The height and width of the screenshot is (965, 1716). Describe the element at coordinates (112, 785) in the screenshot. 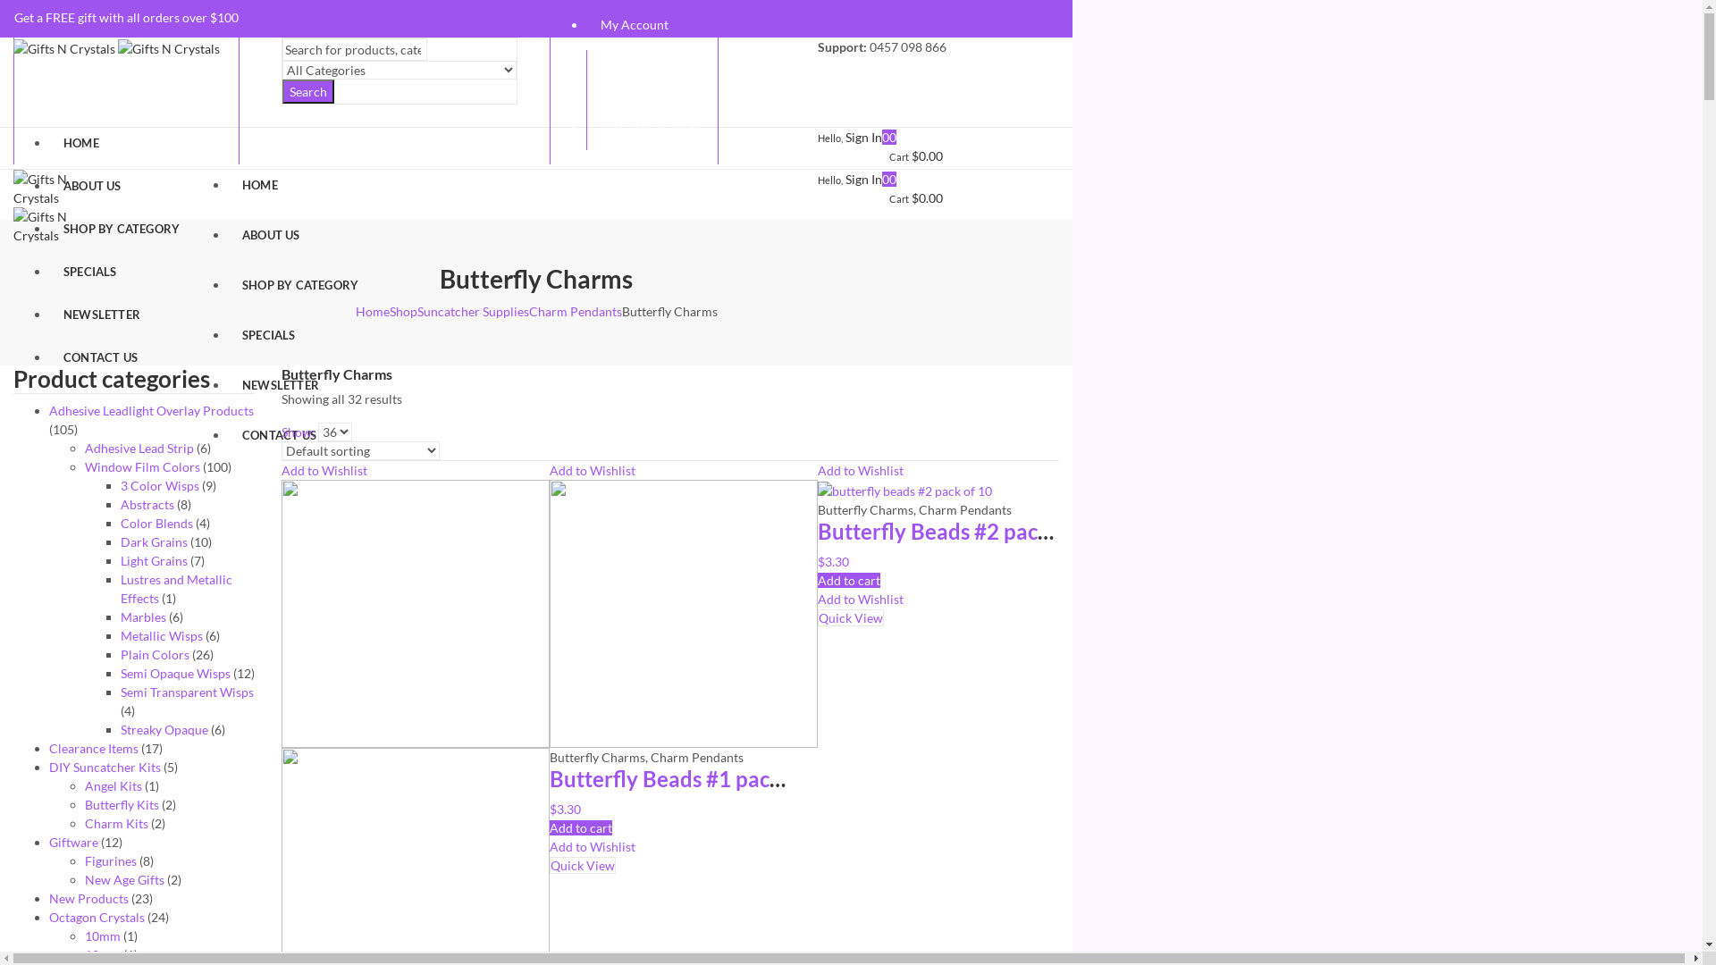

I see `'Angel Kits'` at that location.